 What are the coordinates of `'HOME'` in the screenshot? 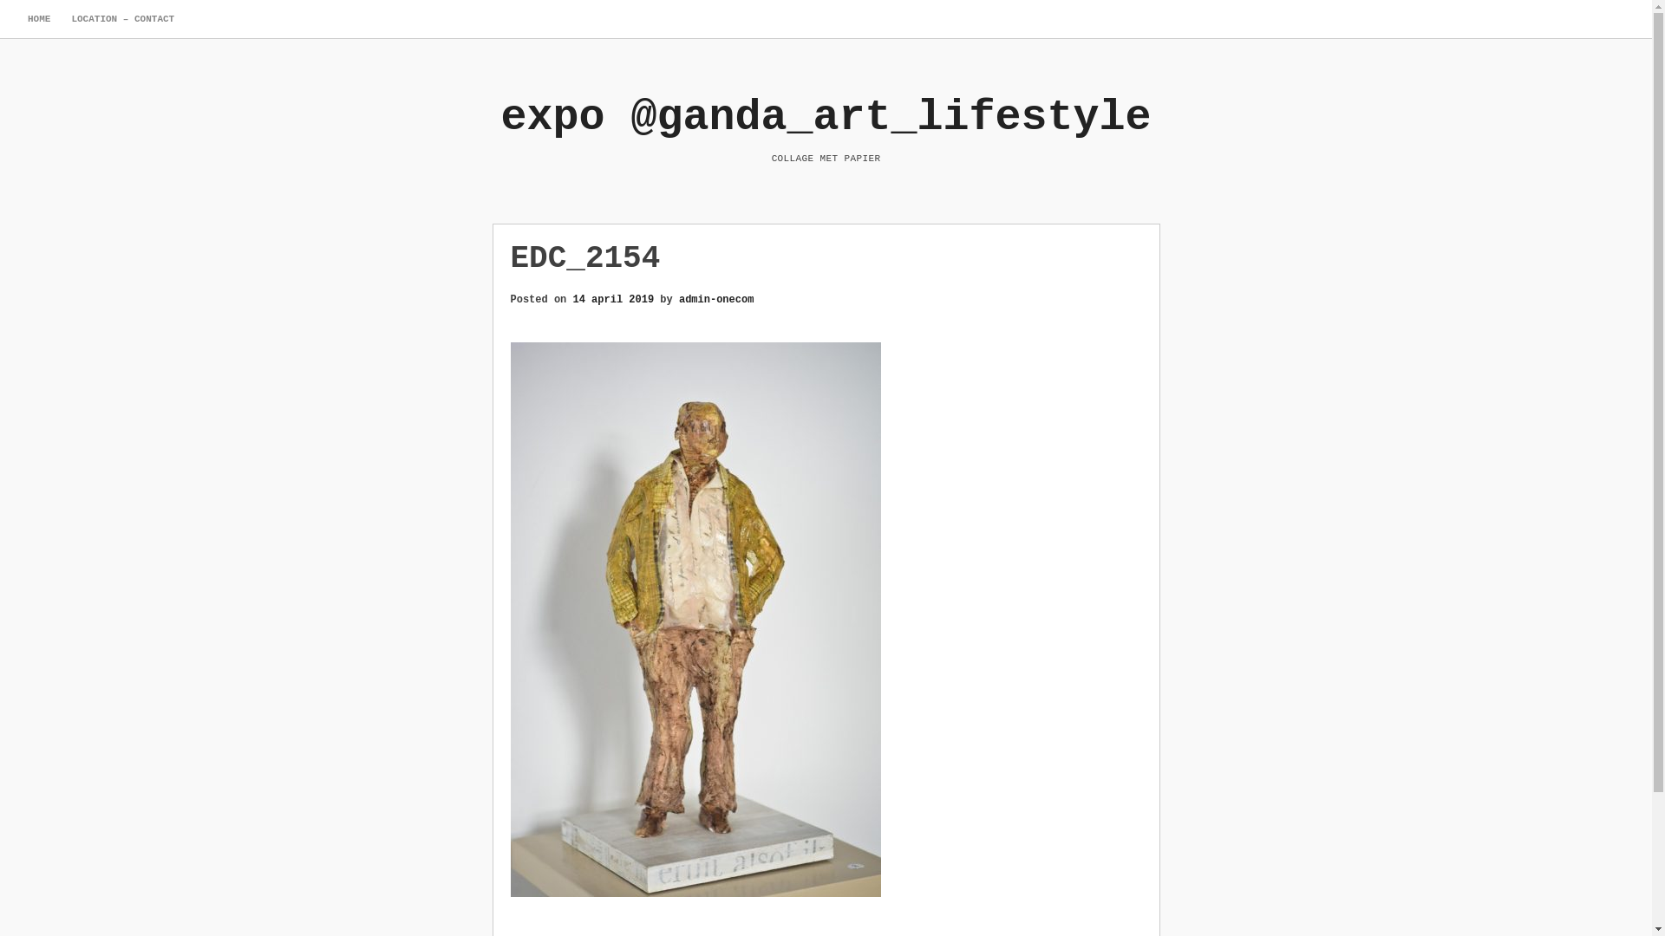 It's located at (38, 19).